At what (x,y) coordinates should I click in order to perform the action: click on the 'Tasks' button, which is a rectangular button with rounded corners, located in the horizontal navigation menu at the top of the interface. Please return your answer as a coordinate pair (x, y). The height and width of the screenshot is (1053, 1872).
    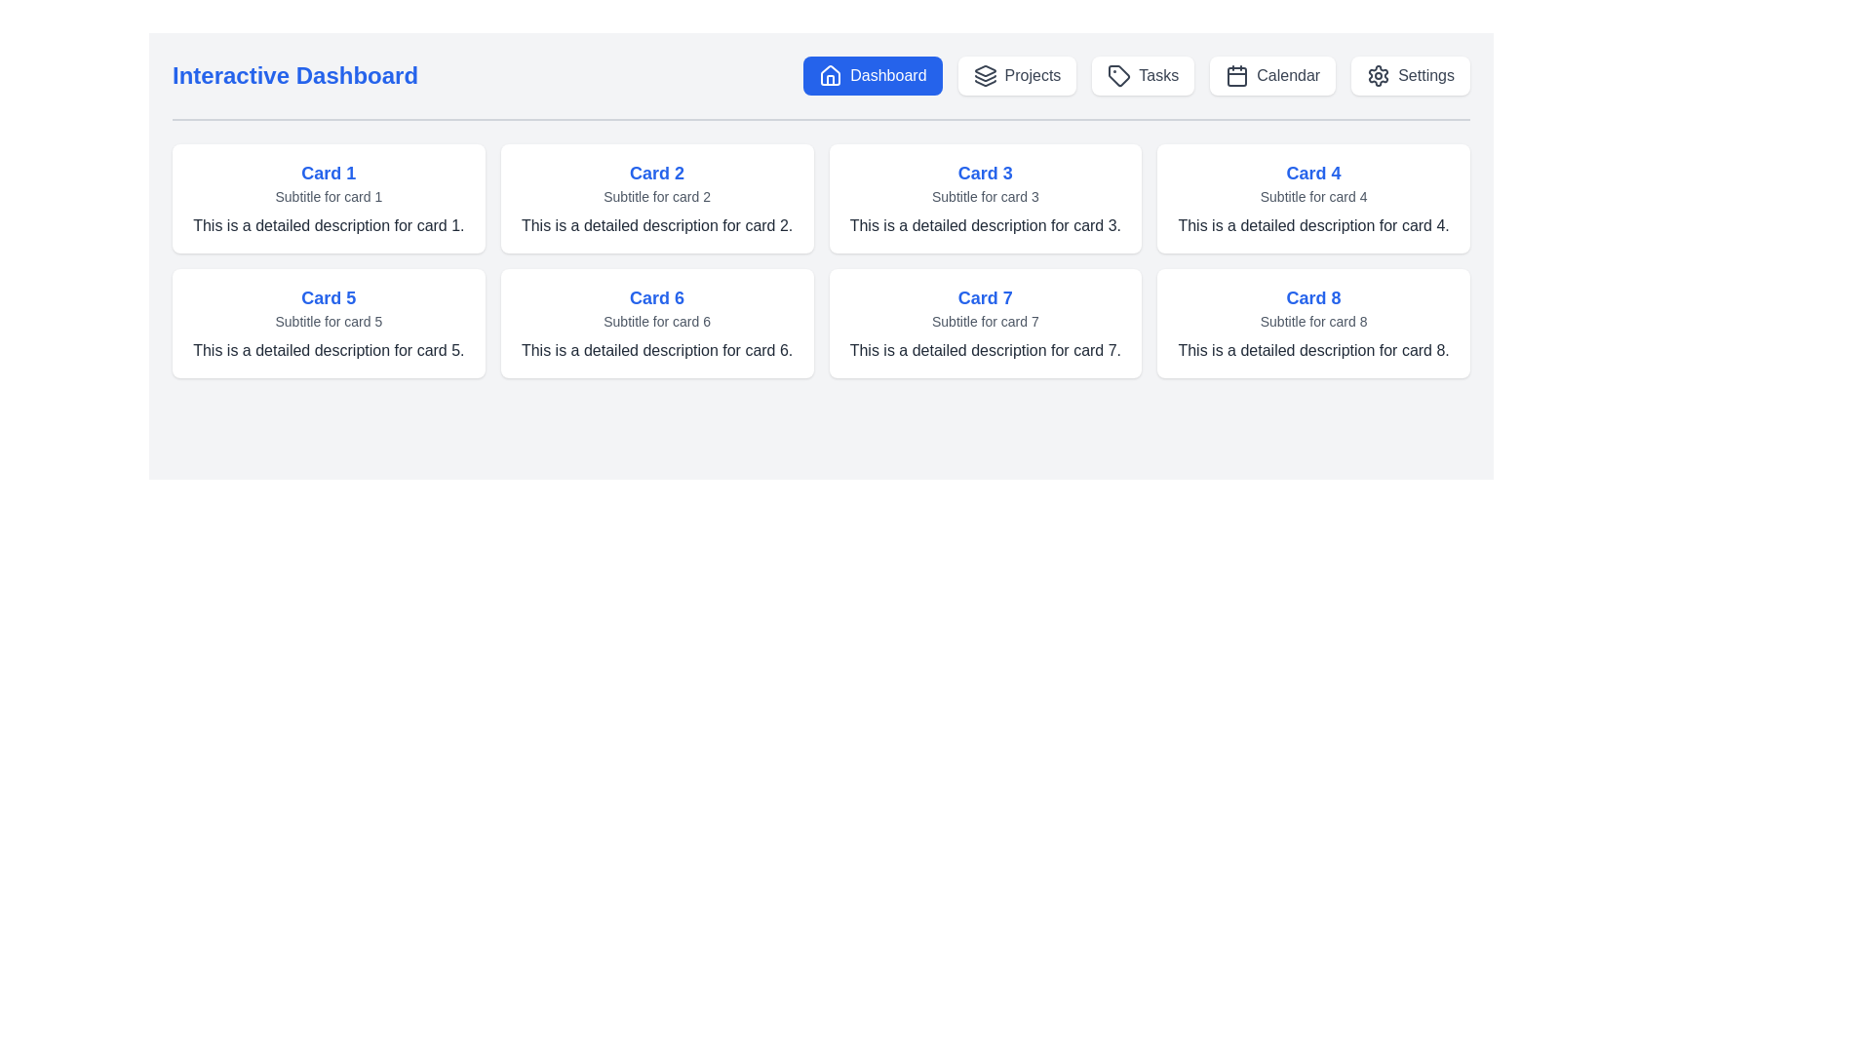
    Looking at the image, I should click on (1143, 74).